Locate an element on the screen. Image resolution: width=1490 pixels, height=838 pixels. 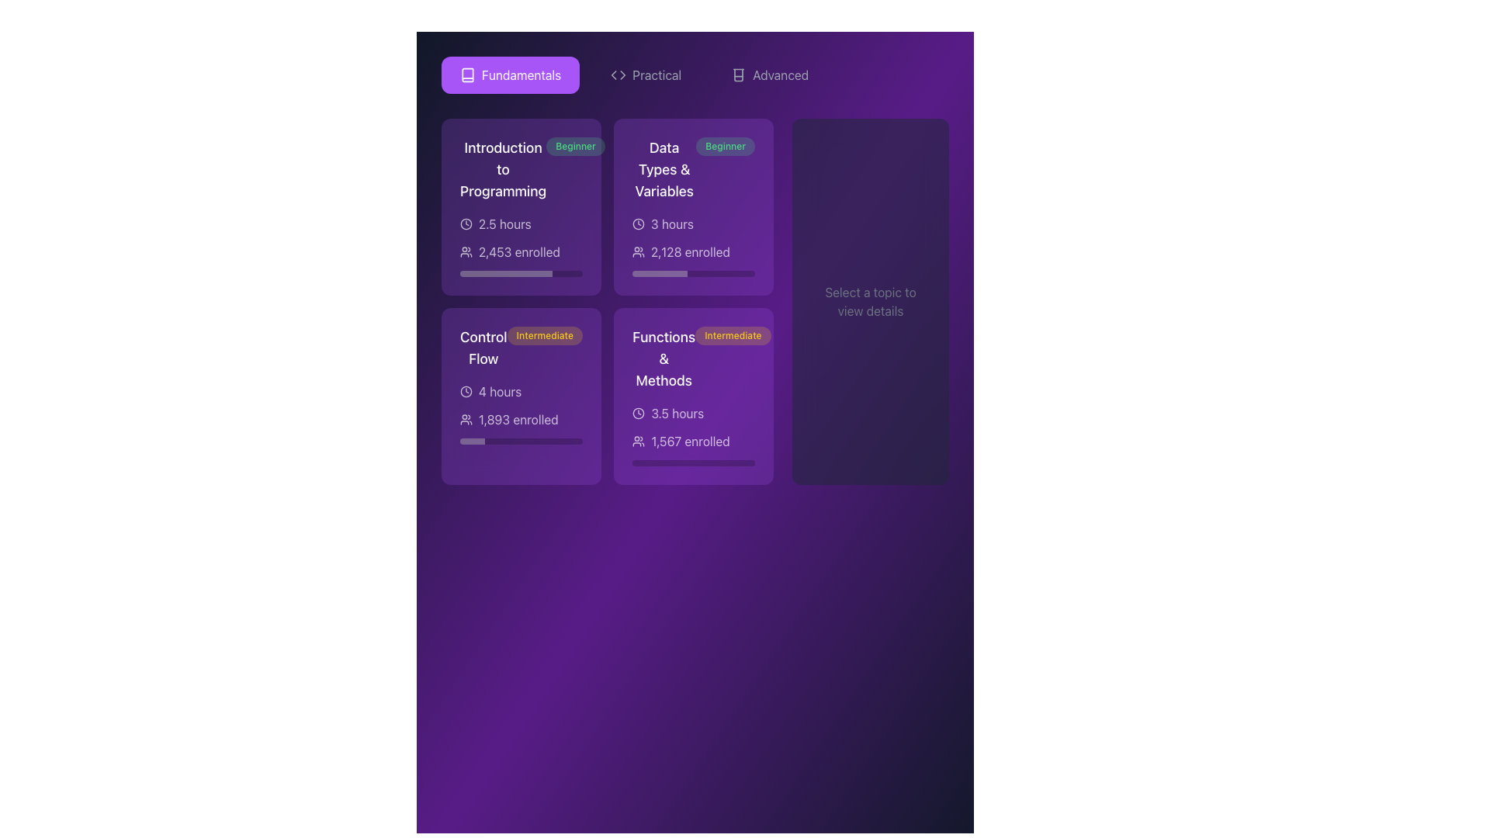
the white progress indicator bar segment located at the bottom of the 'Data Types & Variables' card by clicking on its center is located at coordinates (660, 273).